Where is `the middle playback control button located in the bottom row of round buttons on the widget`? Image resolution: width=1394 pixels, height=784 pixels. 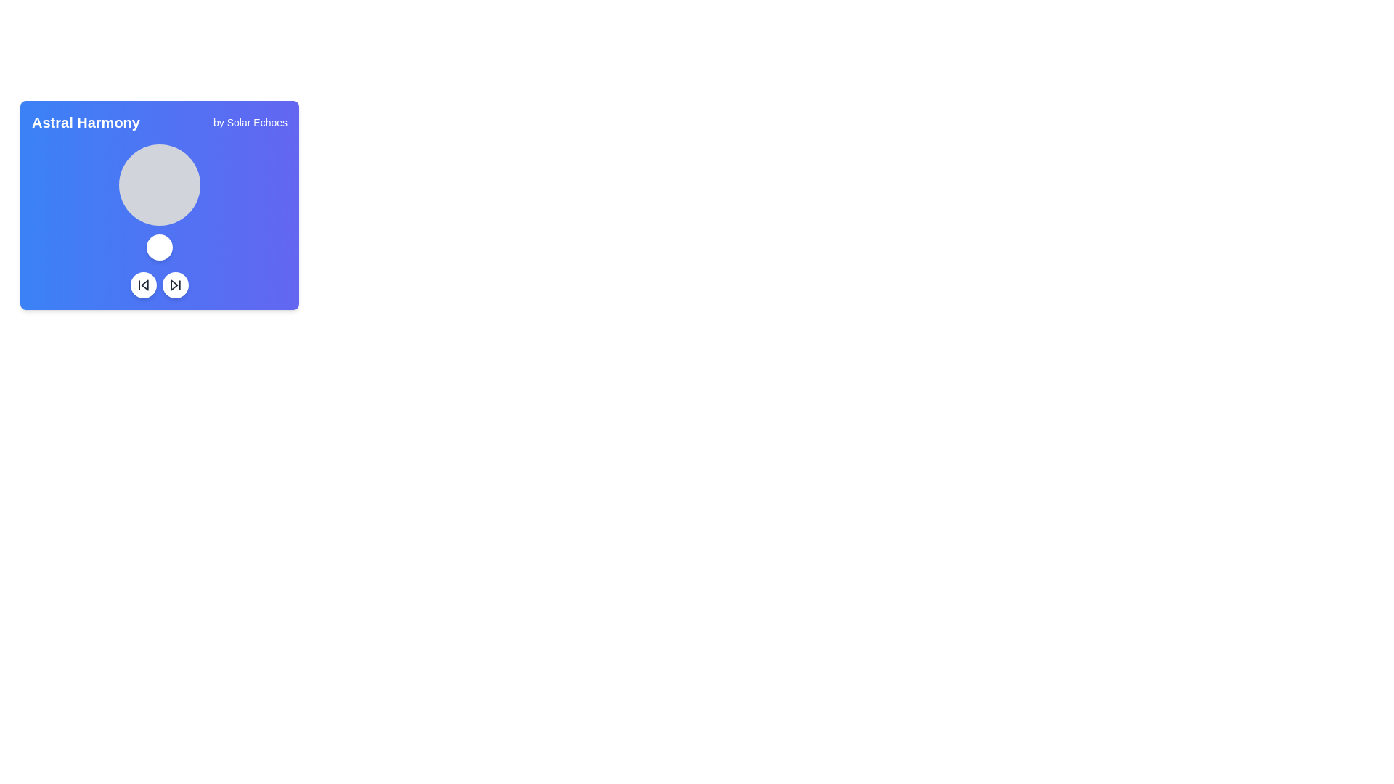
the middle playback control button located in the bottom row of round buttons on the widget is located at coordinates (174, 285).